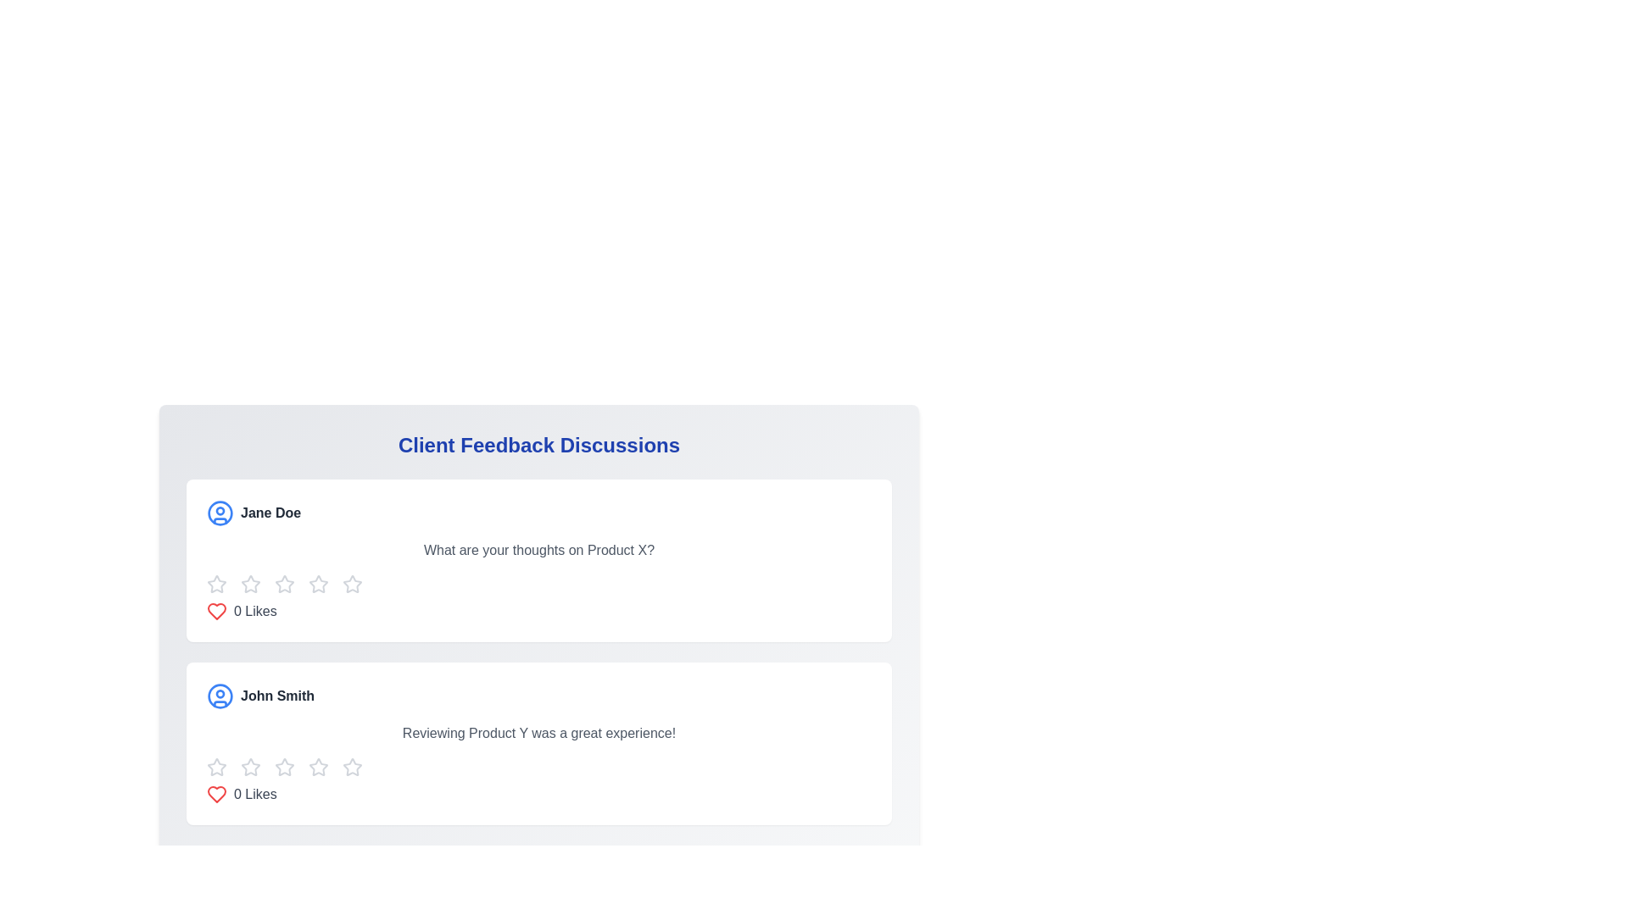 The height and width of the screenshot is (915, 1628). I want to click on the Rating star icon, which represents the lowest rating in a set of five stars, for user customization scenarios, so click(215, 584).